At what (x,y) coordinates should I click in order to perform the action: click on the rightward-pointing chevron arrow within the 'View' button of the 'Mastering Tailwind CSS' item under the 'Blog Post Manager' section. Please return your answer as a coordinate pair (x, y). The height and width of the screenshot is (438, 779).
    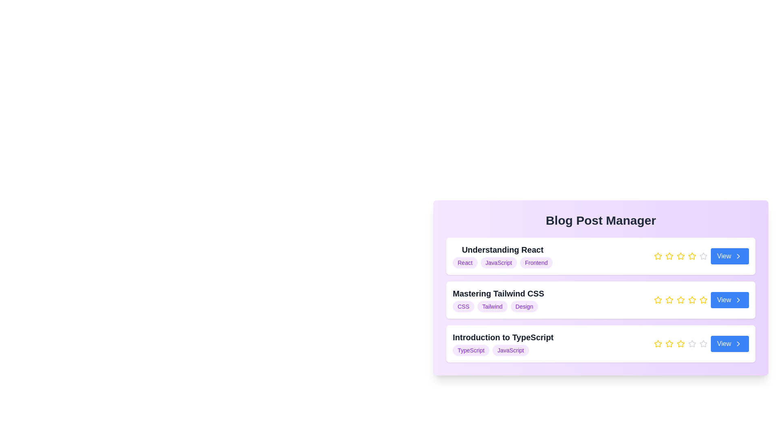
    Looking at the image, I should click on (738, 300).